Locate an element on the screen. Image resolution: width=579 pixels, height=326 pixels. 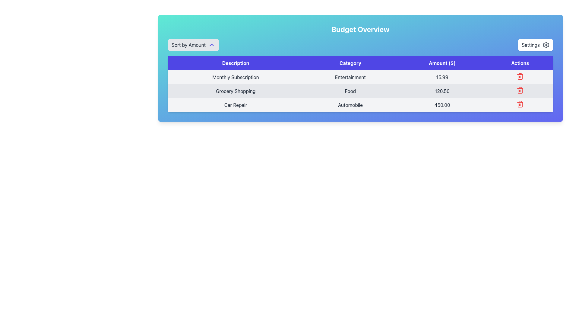
the text label displaying 'Automobile' in dark gray within the 'Budget Overview' table, specifically located in the 'Category' column for the row labeled 'Car Repair' is located at coordinates (350, 104).